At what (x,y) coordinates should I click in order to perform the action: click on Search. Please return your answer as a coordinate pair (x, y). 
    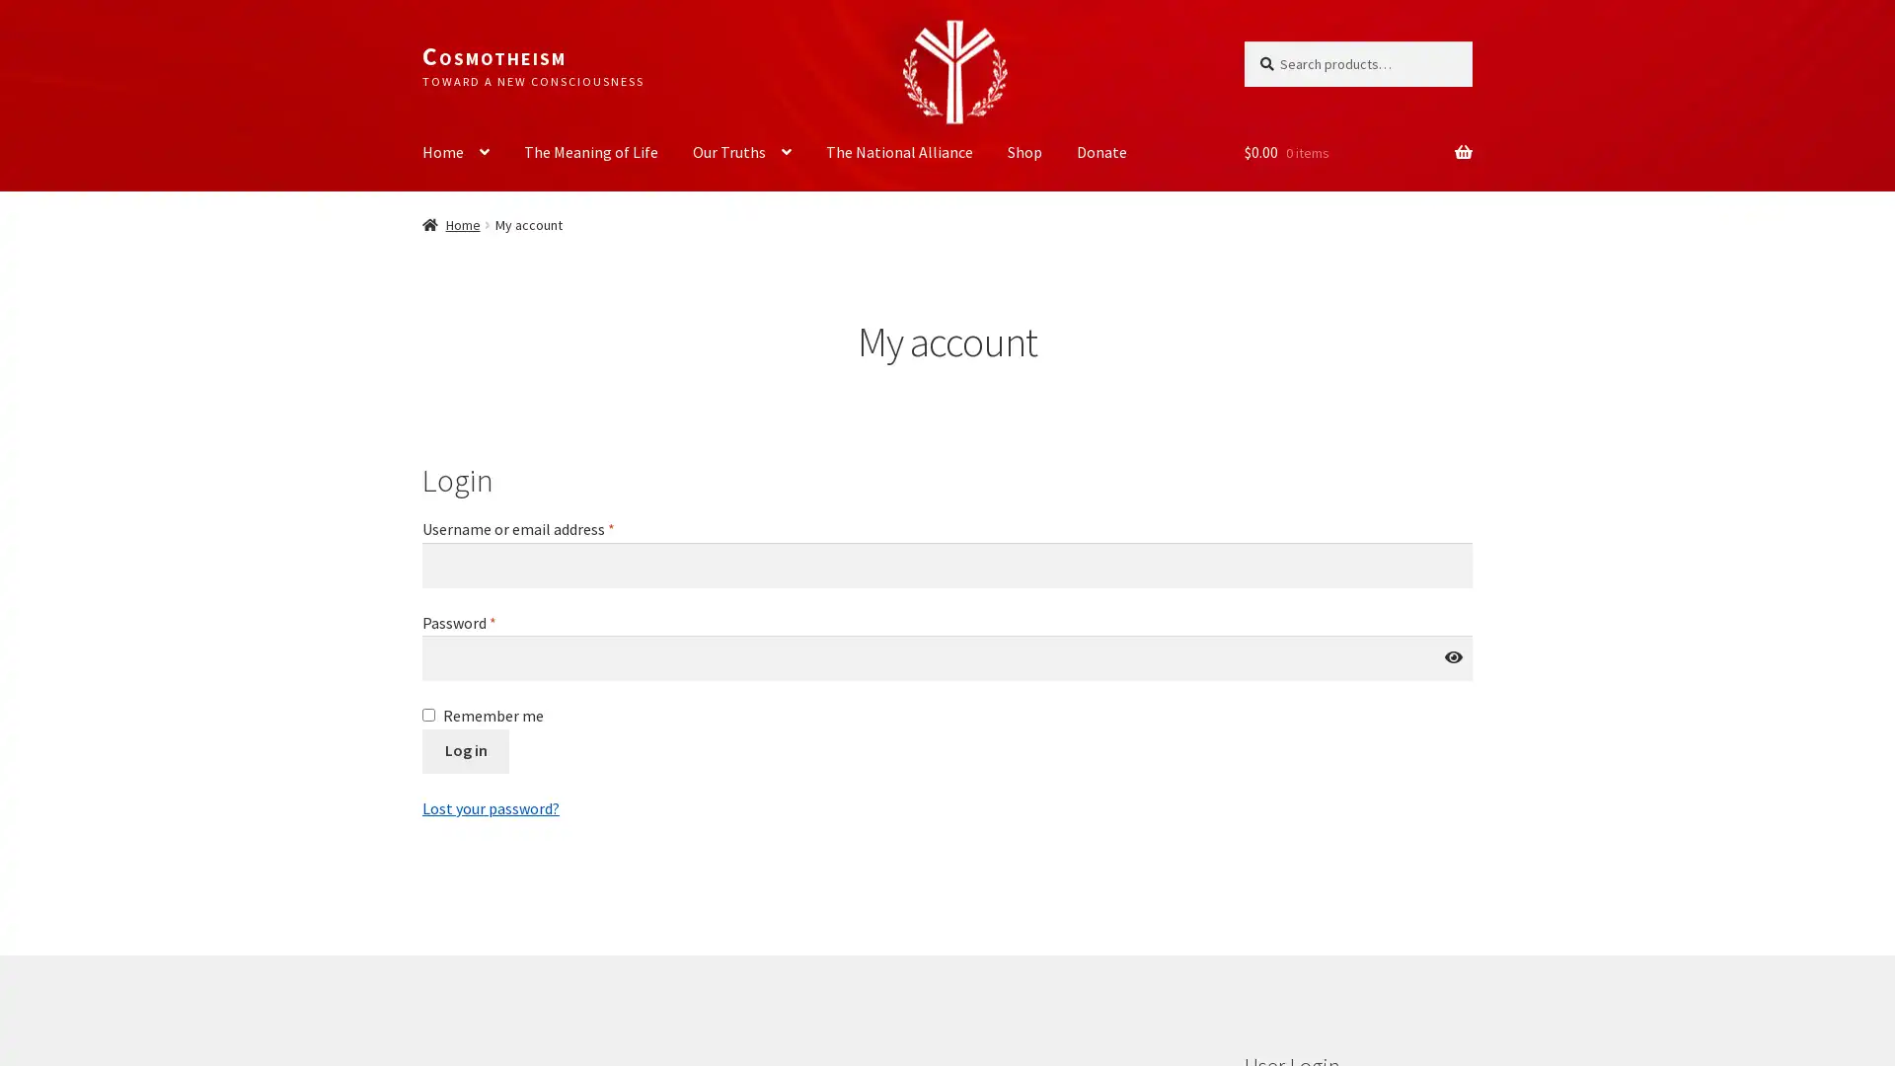
    Looking at the image, I should click on (1242, 39).